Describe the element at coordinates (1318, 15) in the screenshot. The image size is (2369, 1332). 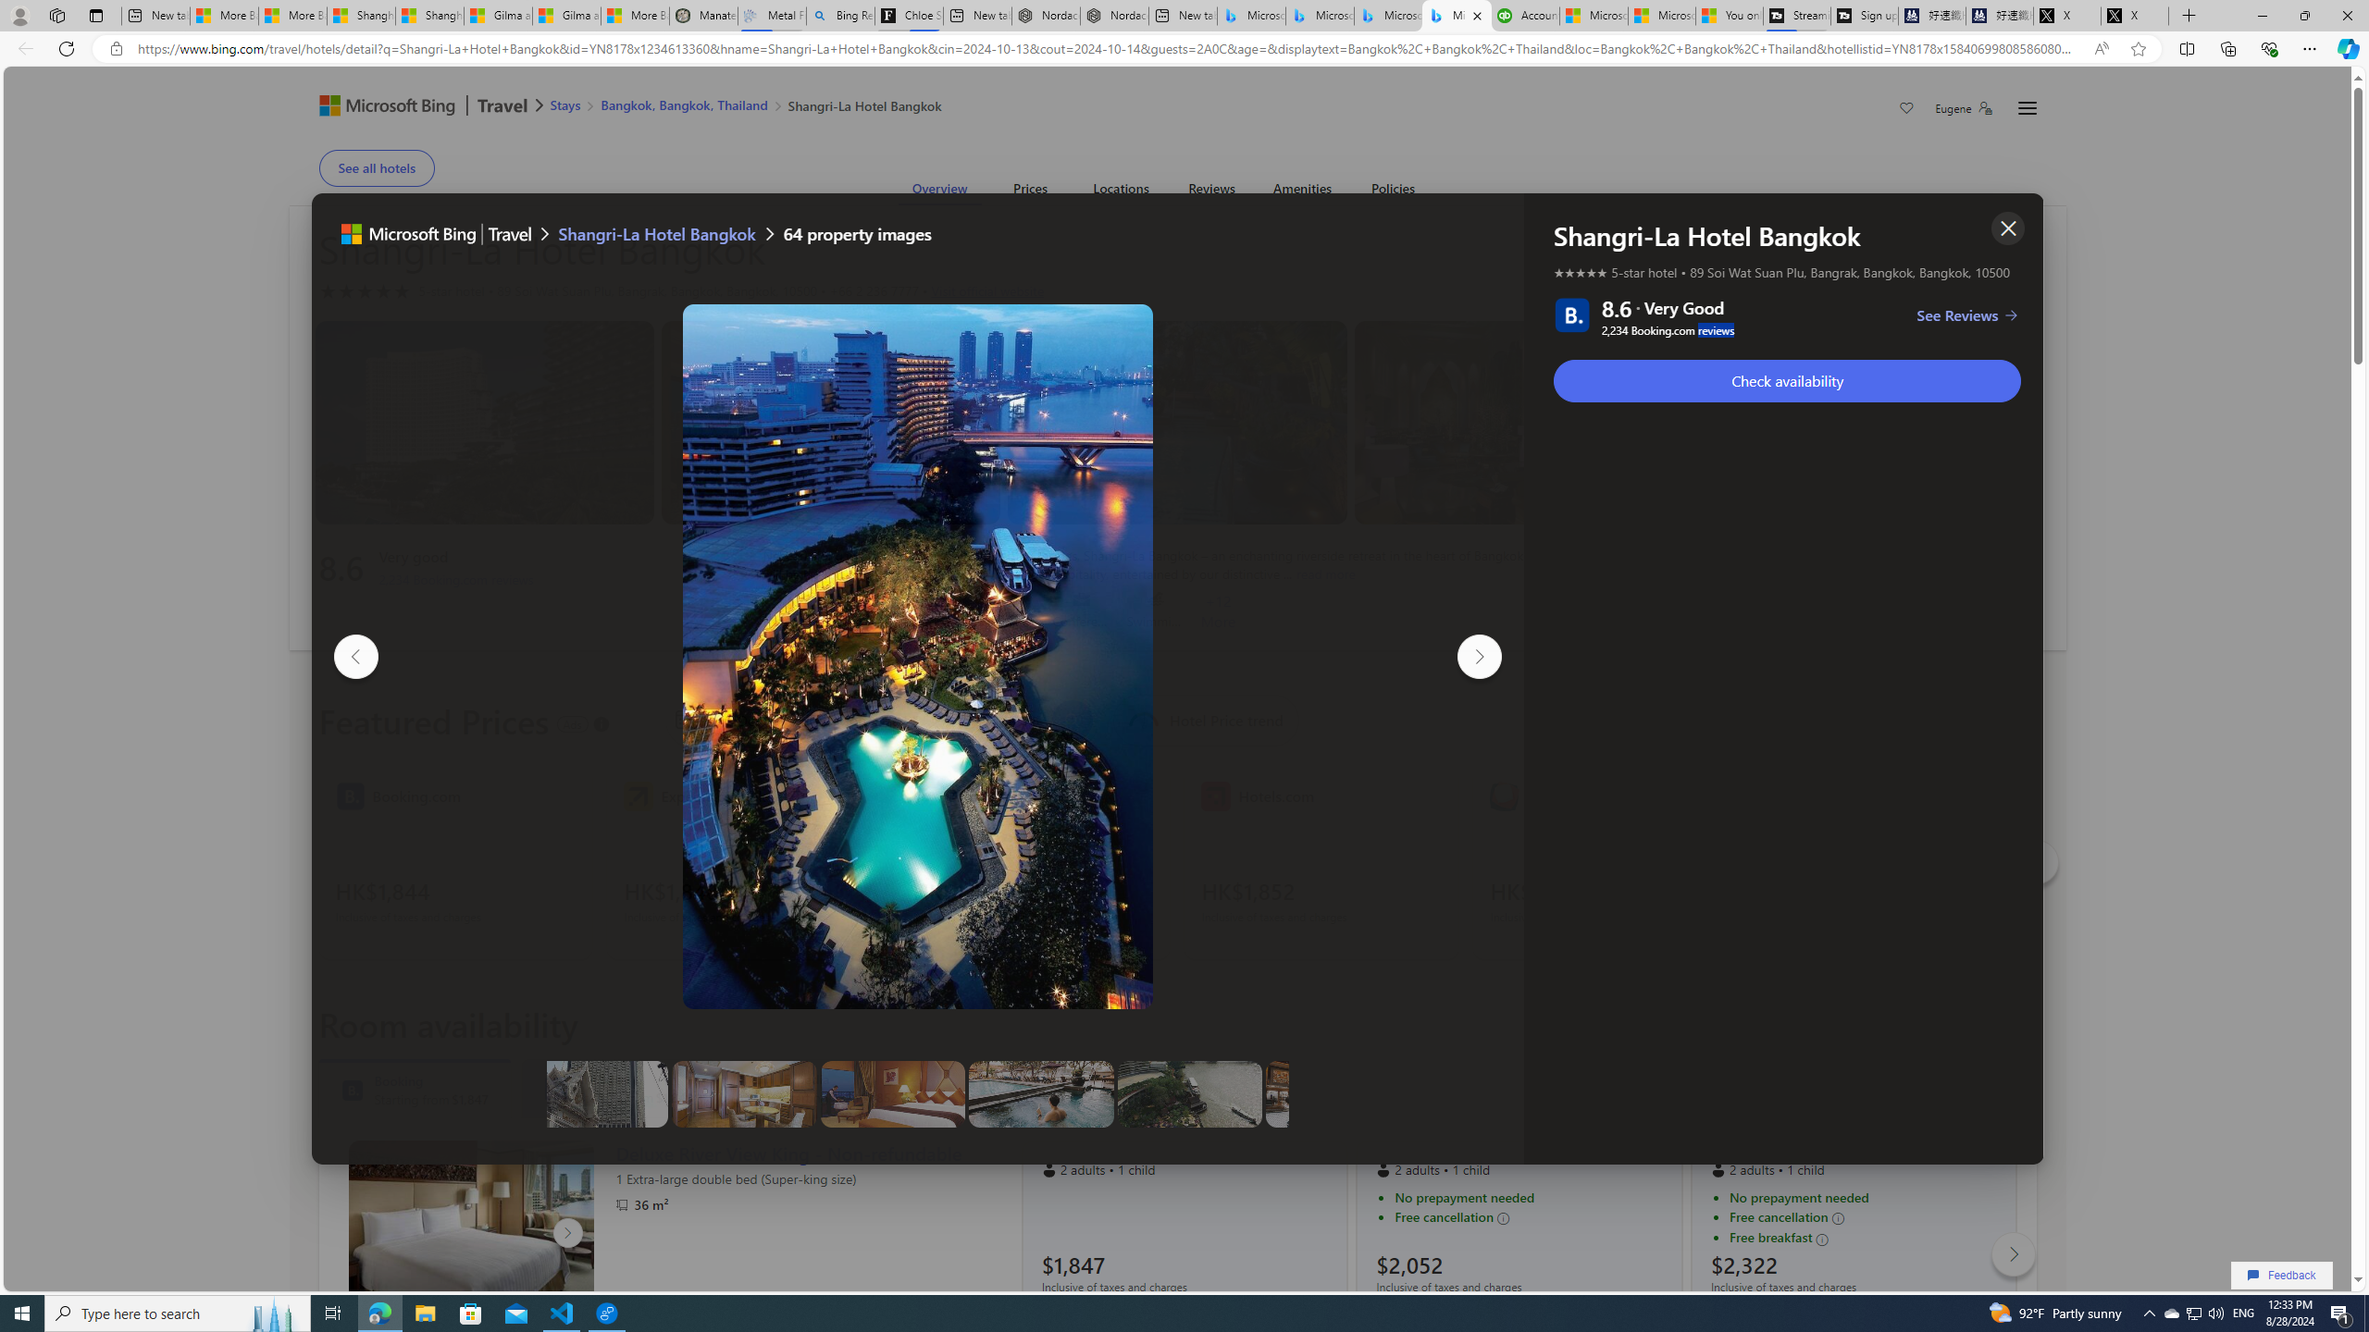
I see `'Microsoft Bing Travel - Stays in Bangkok, Bangkok, Thailand'` at that location.